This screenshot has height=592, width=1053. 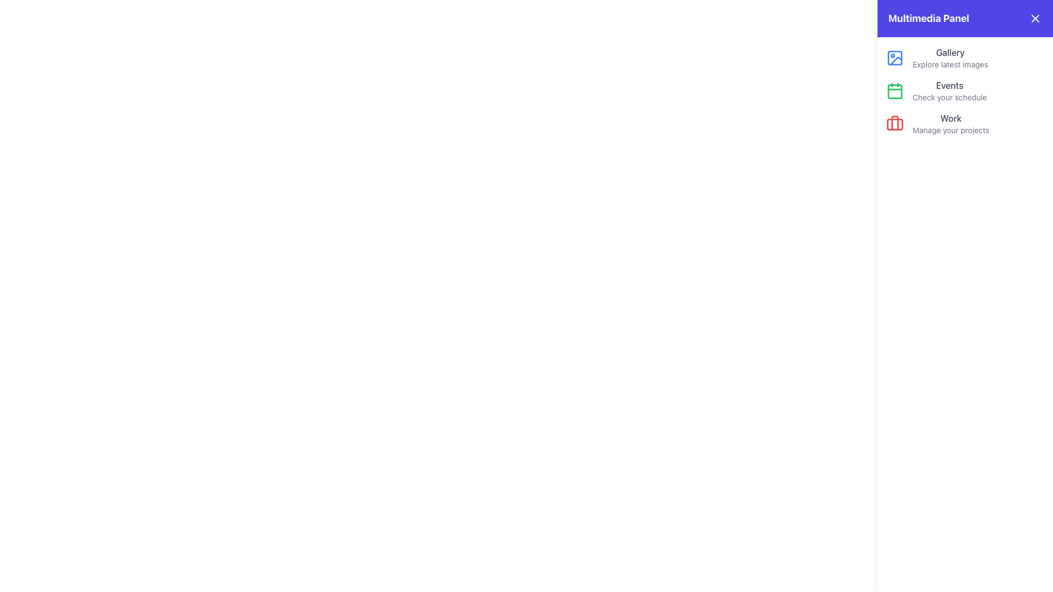 What do you see at coordinates (896, 61) in the screenshot?
I see `the blue diagonal line icon that is part of the 'Gallery' image icon located in the top section of the right-side menu panel` at bounding box center [896, 61].